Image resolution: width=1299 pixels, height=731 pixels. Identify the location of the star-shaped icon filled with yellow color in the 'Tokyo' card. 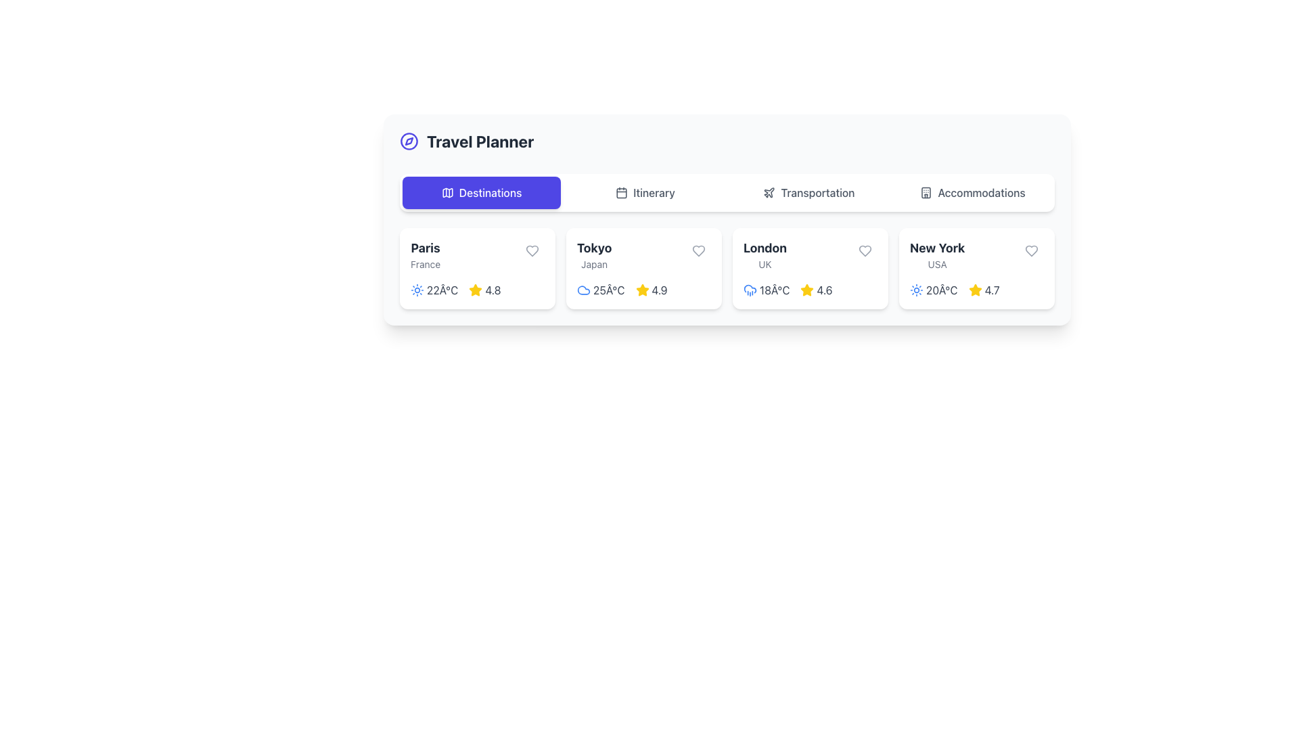
(641, 289).